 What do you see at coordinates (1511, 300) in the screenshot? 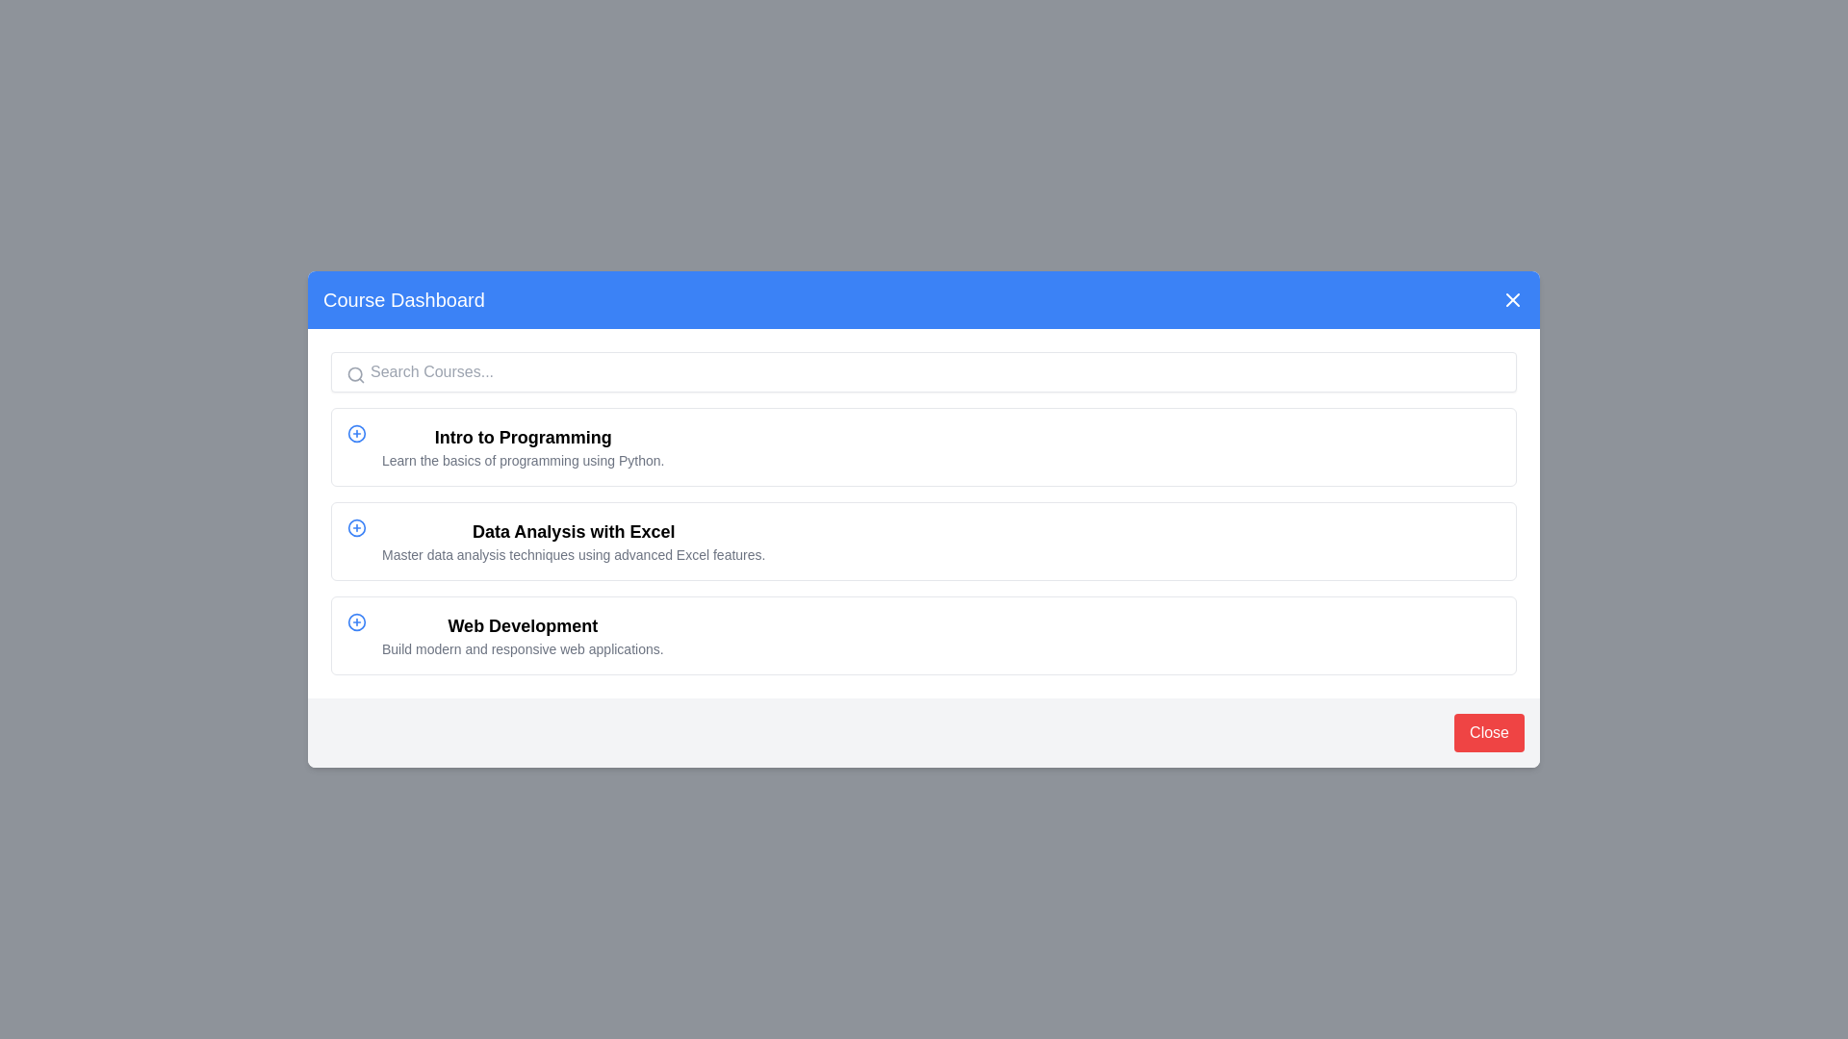
I see `the close button located at the top-right corner of the blue header bar titled 'Course Dashboard'` at bounding box center [1511, 300].